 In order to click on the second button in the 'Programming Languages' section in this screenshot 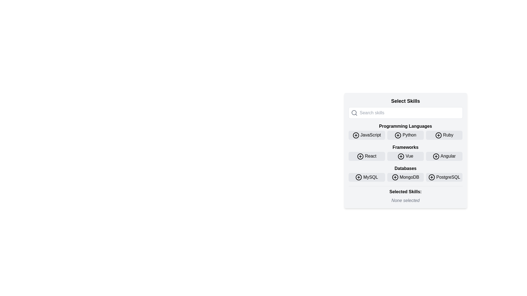, I will do `click(405, 131)`.